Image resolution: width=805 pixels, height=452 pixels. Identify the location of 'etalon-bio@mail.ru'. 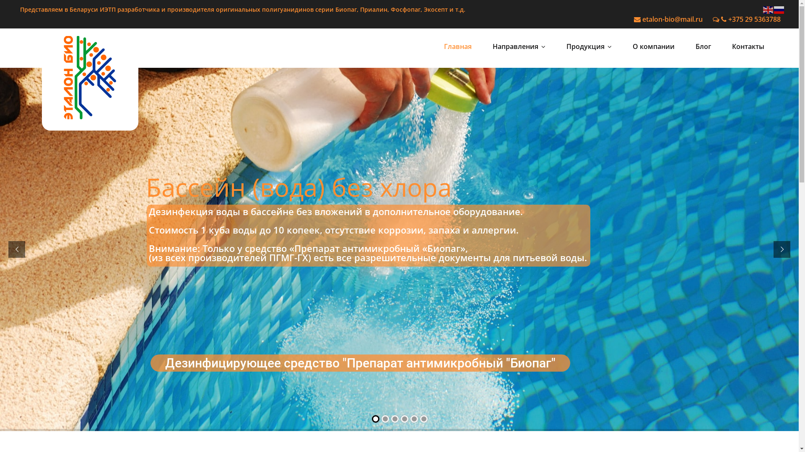
(634, 19).